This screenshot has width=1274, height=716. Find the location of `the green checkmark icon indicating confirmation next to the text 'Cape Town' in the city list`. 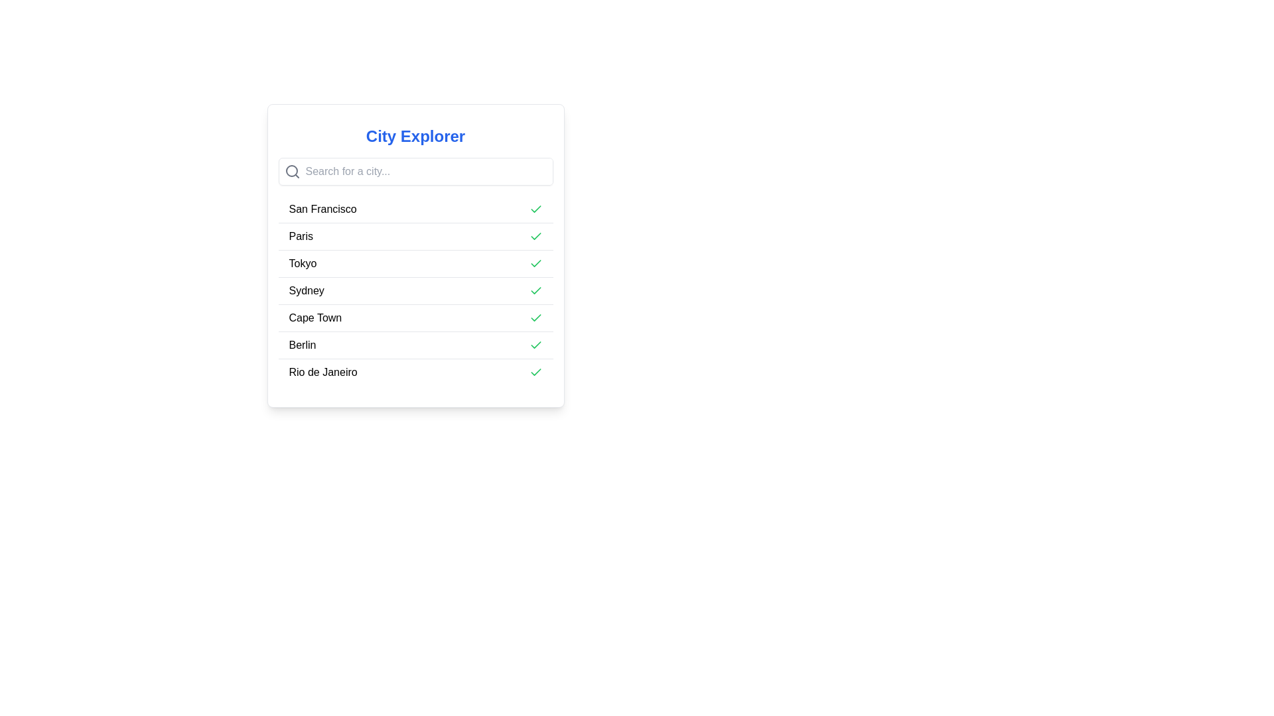

the green checkmark icon indicating confirmation next to the text 'Cape Town' in the city list is located at coordinates (535, 318).